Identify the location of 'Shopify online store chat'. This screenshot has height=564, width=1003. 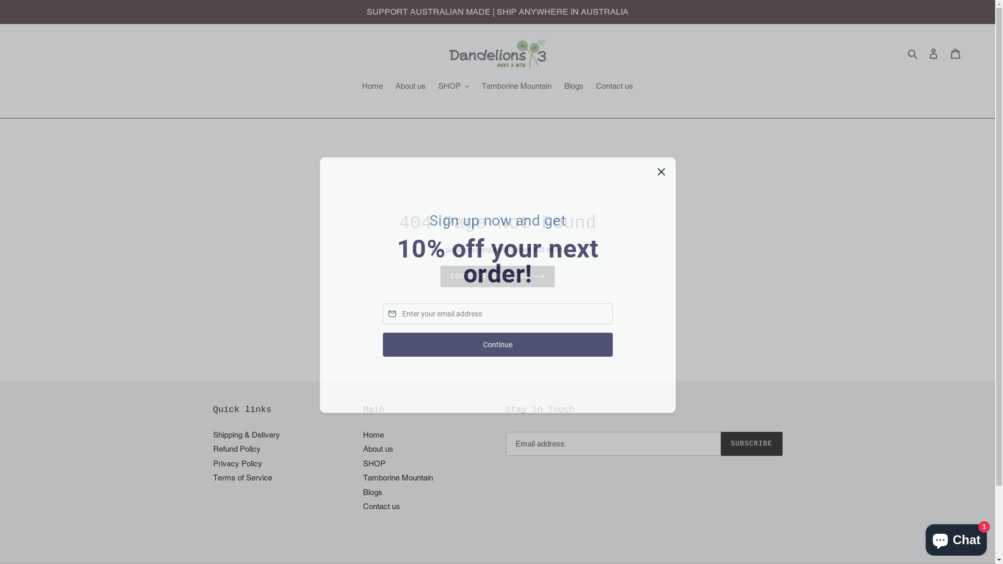
(956, 537).